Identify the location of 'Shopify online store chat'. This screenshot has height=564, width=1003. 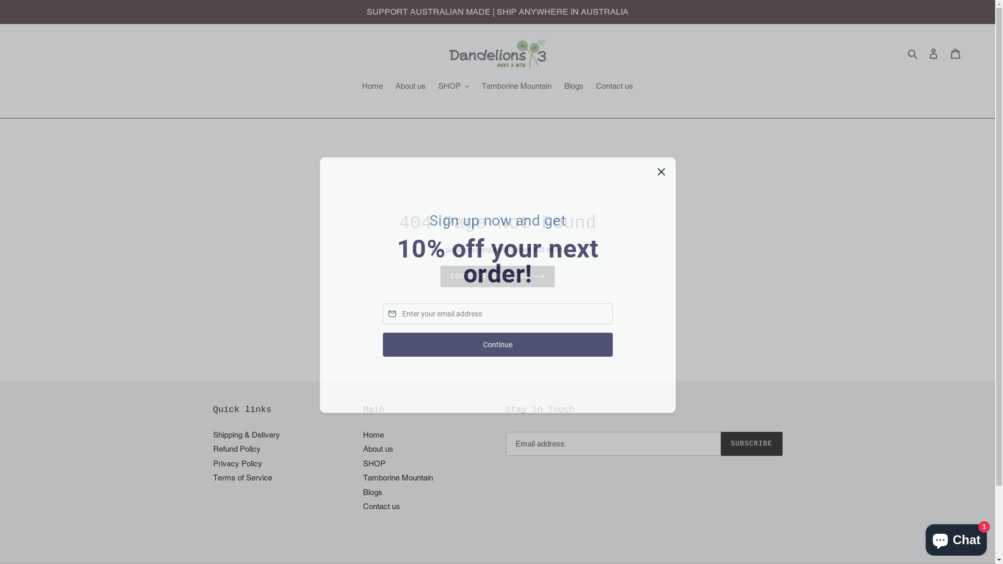
(956, 537).